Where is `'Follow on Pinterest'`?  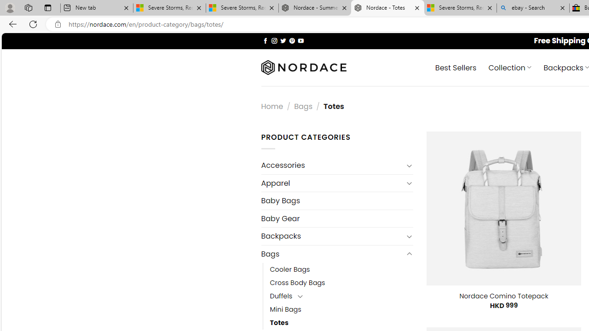 'Follow on Pinterest' is located at coordinates (291, 40).